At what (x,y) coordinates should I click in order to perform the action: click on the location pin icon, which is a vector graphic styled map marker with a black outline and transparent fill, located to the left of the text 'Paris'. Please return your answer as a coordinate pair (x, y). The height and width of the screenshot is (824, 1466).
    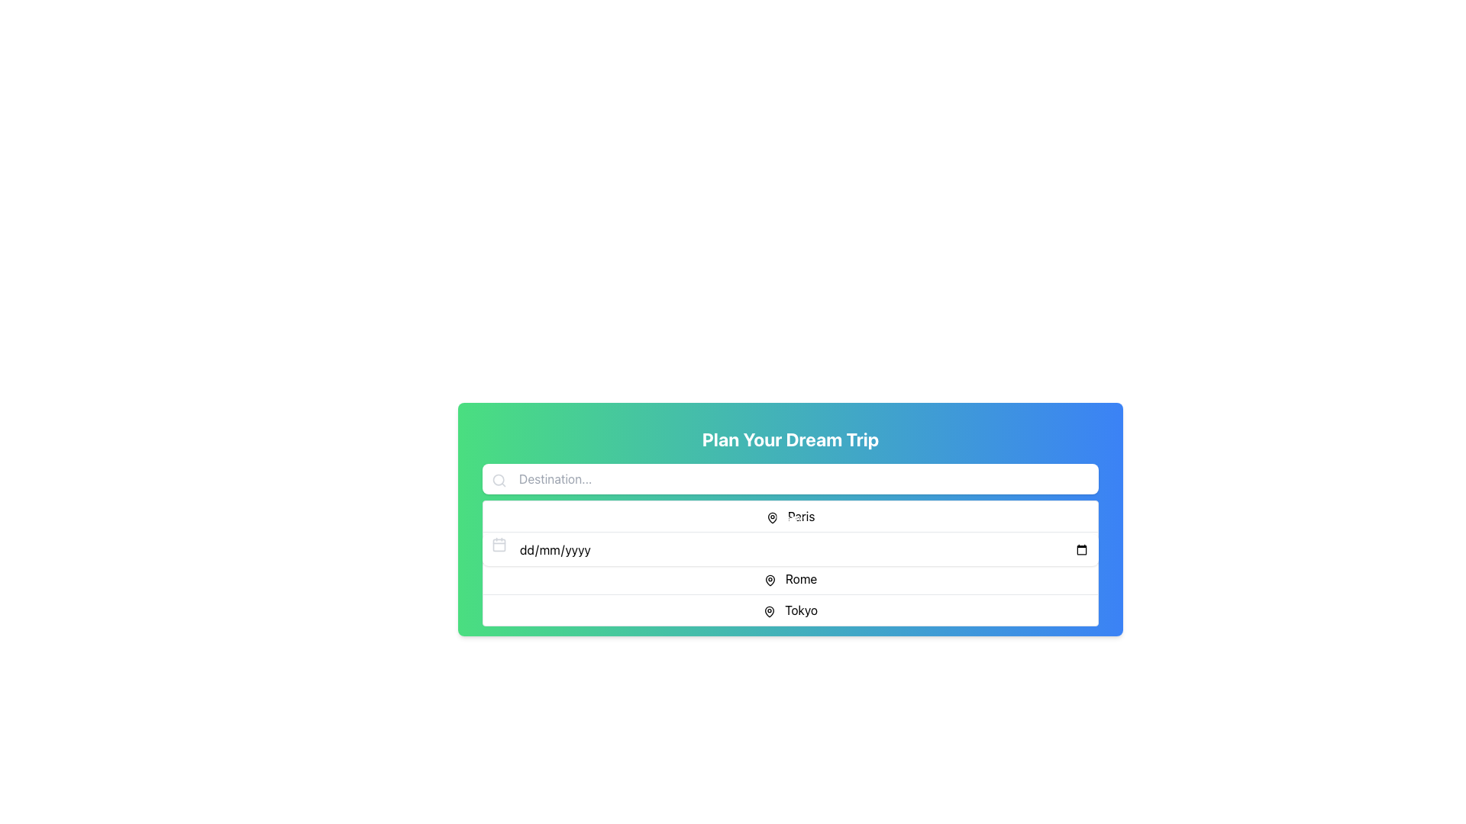
    Looking at the image, I should click on (772, 517).